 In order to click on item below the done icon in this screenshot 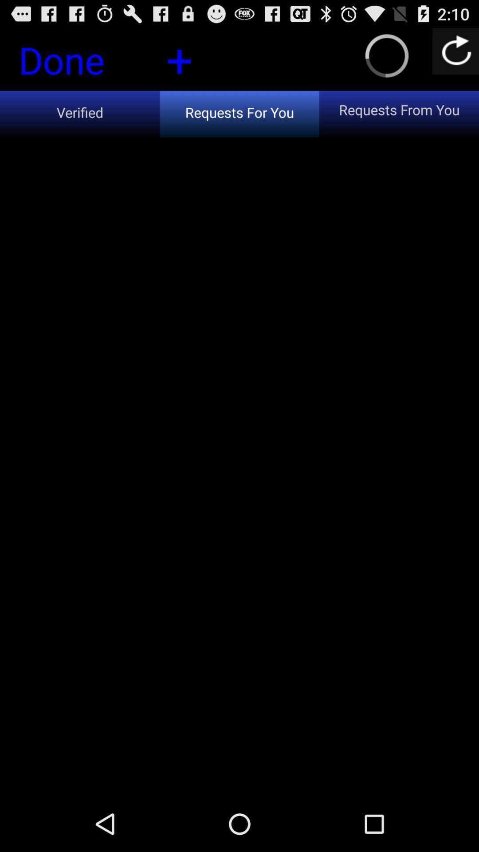, I will do `click(80, 114)`.